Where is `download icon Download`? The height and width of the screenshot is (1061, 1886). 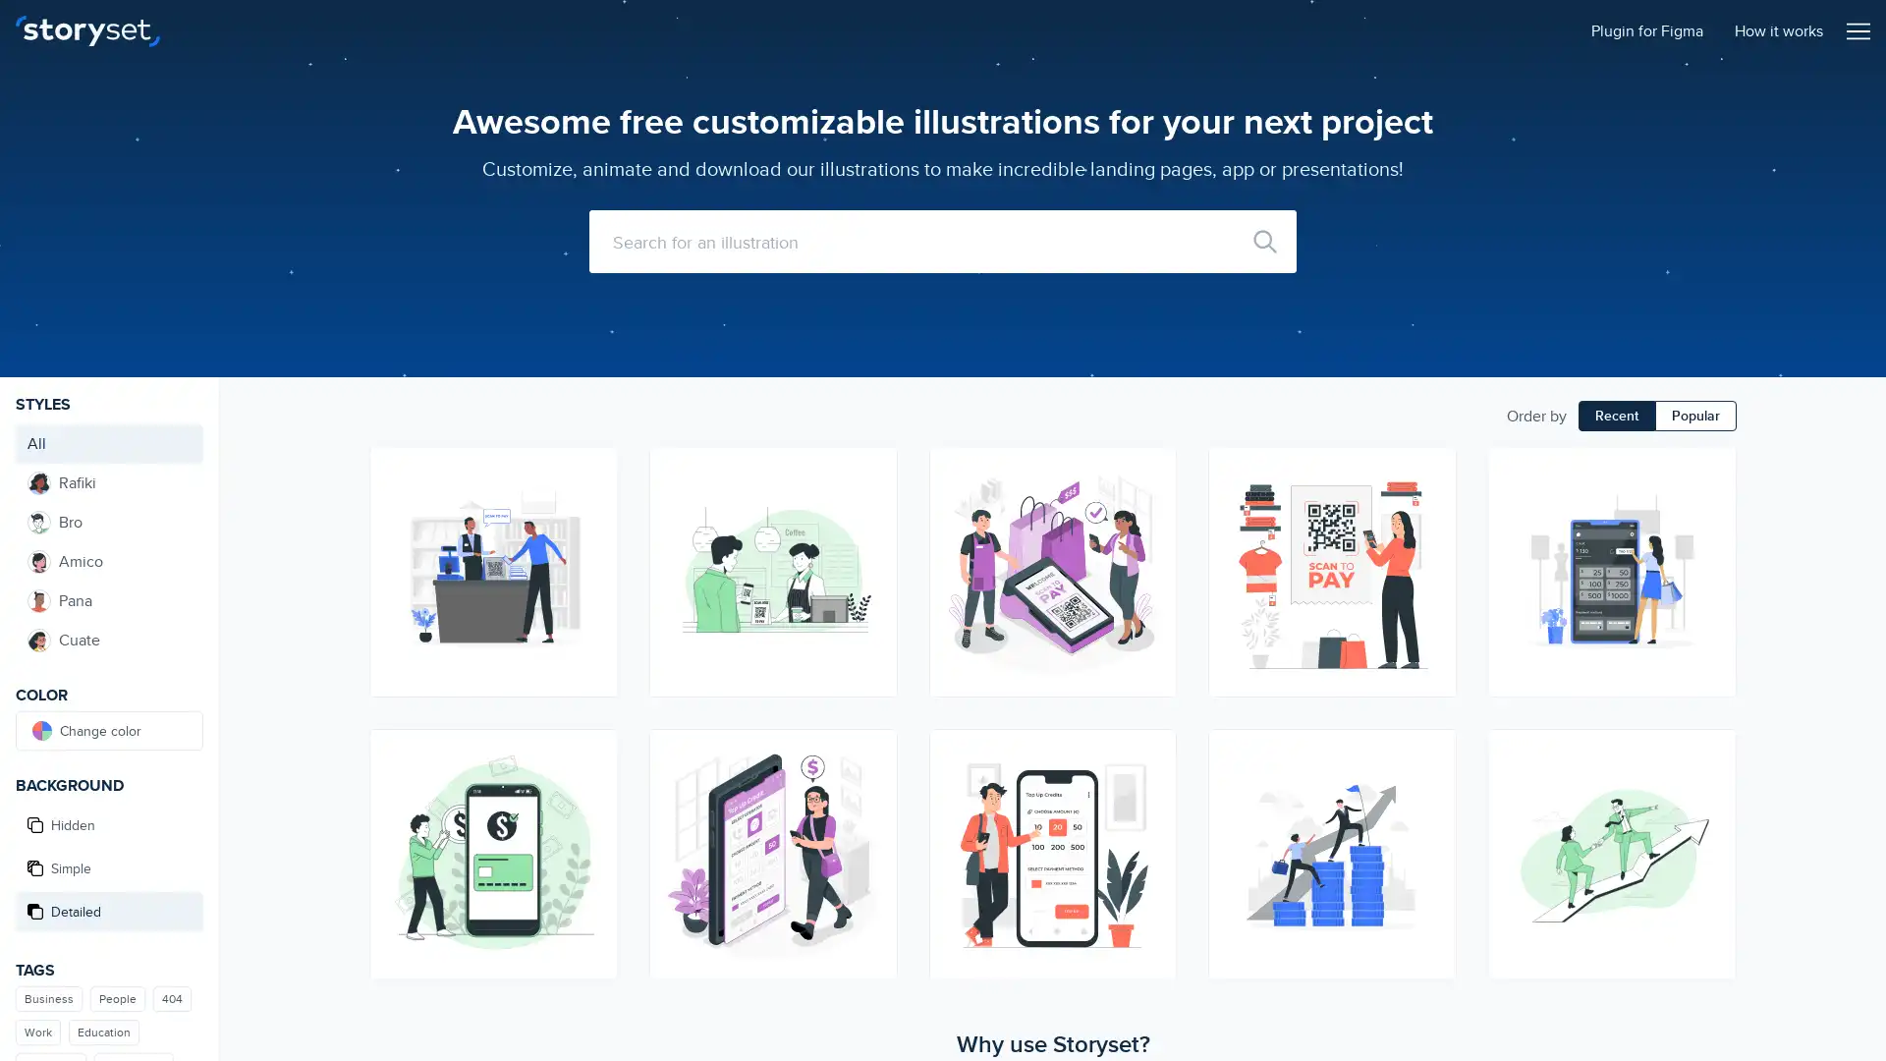
download icon Download is located at coordinates (591, 506).